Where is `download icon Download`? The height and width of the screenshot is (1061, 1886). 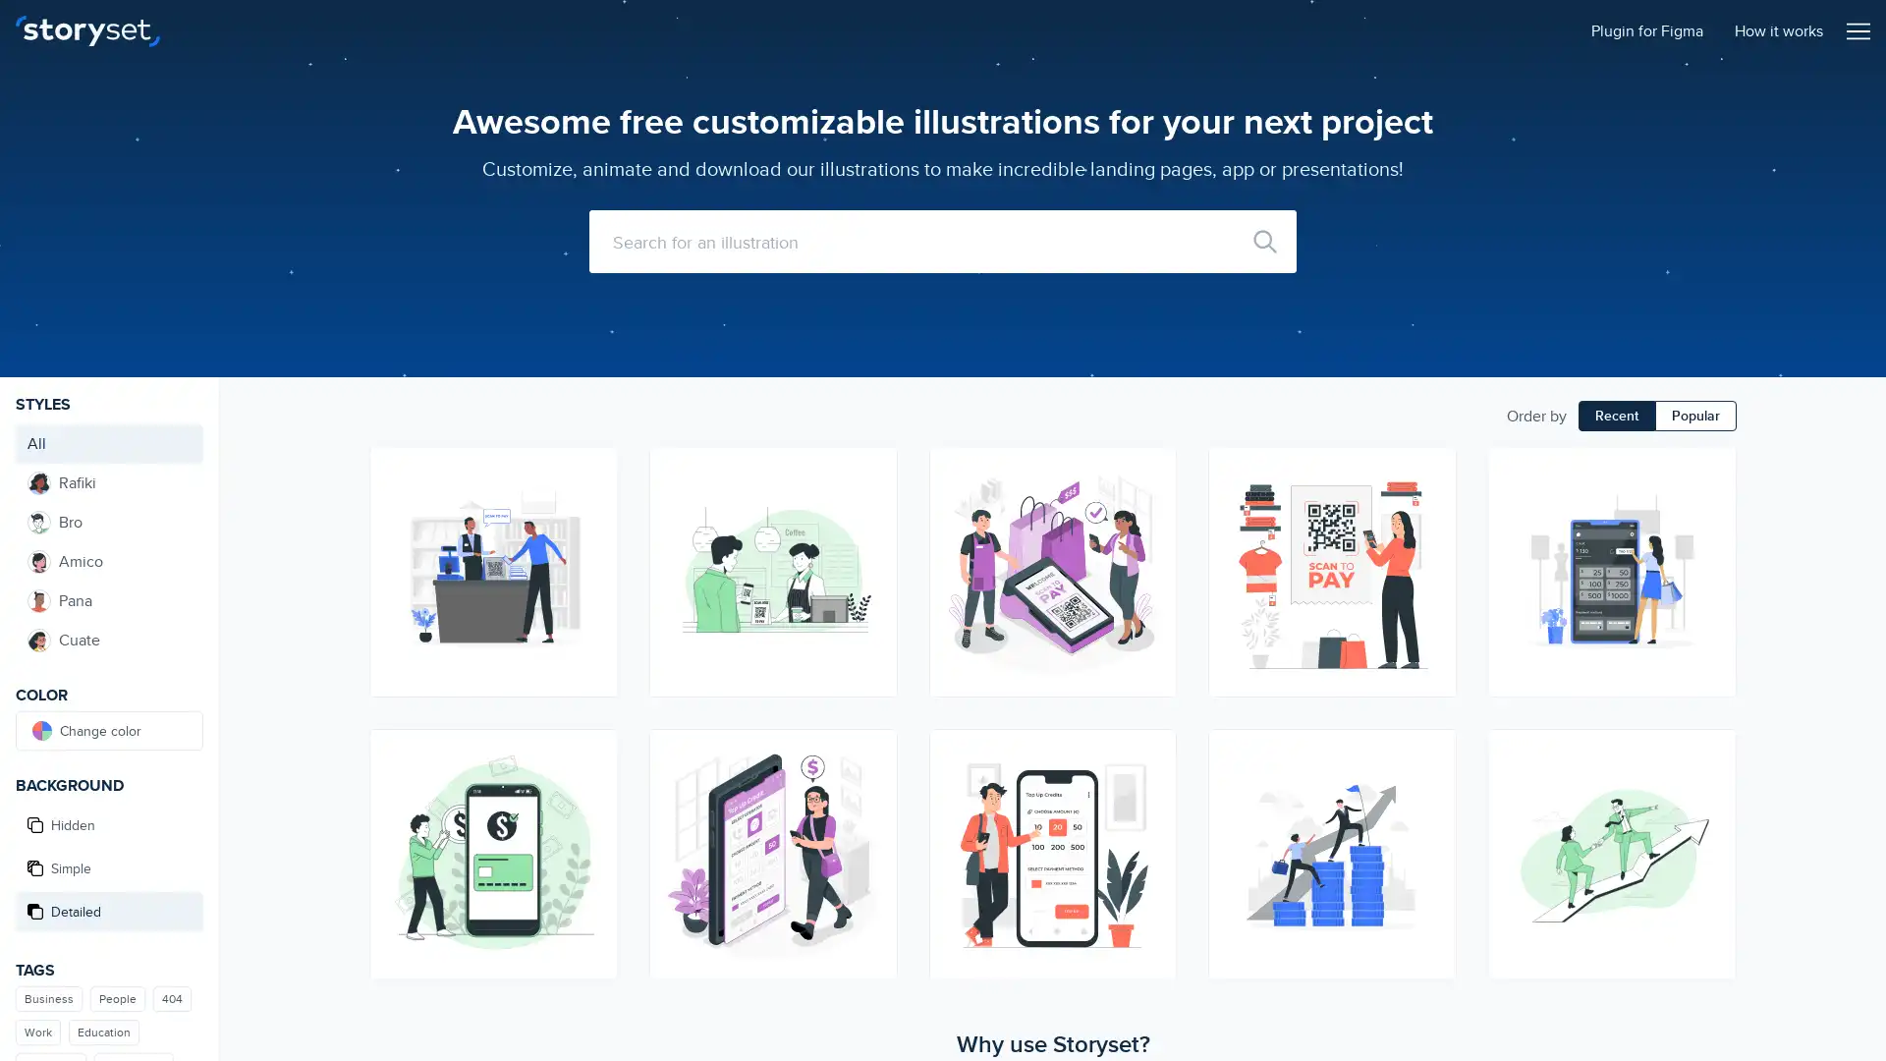
download icon Download is located at coordinates (591, 506).